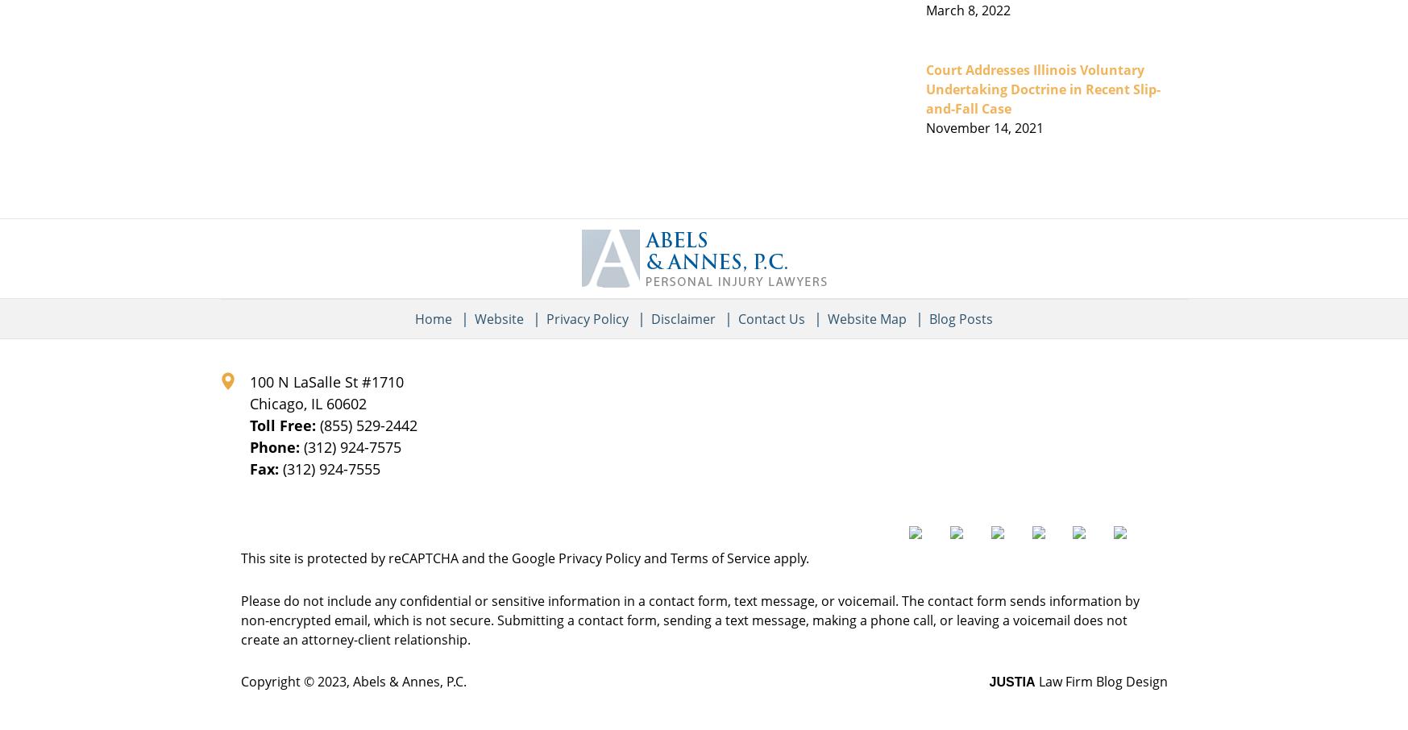  Describe the element at coordinates (397, 558) in the screenshot. I see `'This site is protected by reCAPTCHA and the Google'` at that location.